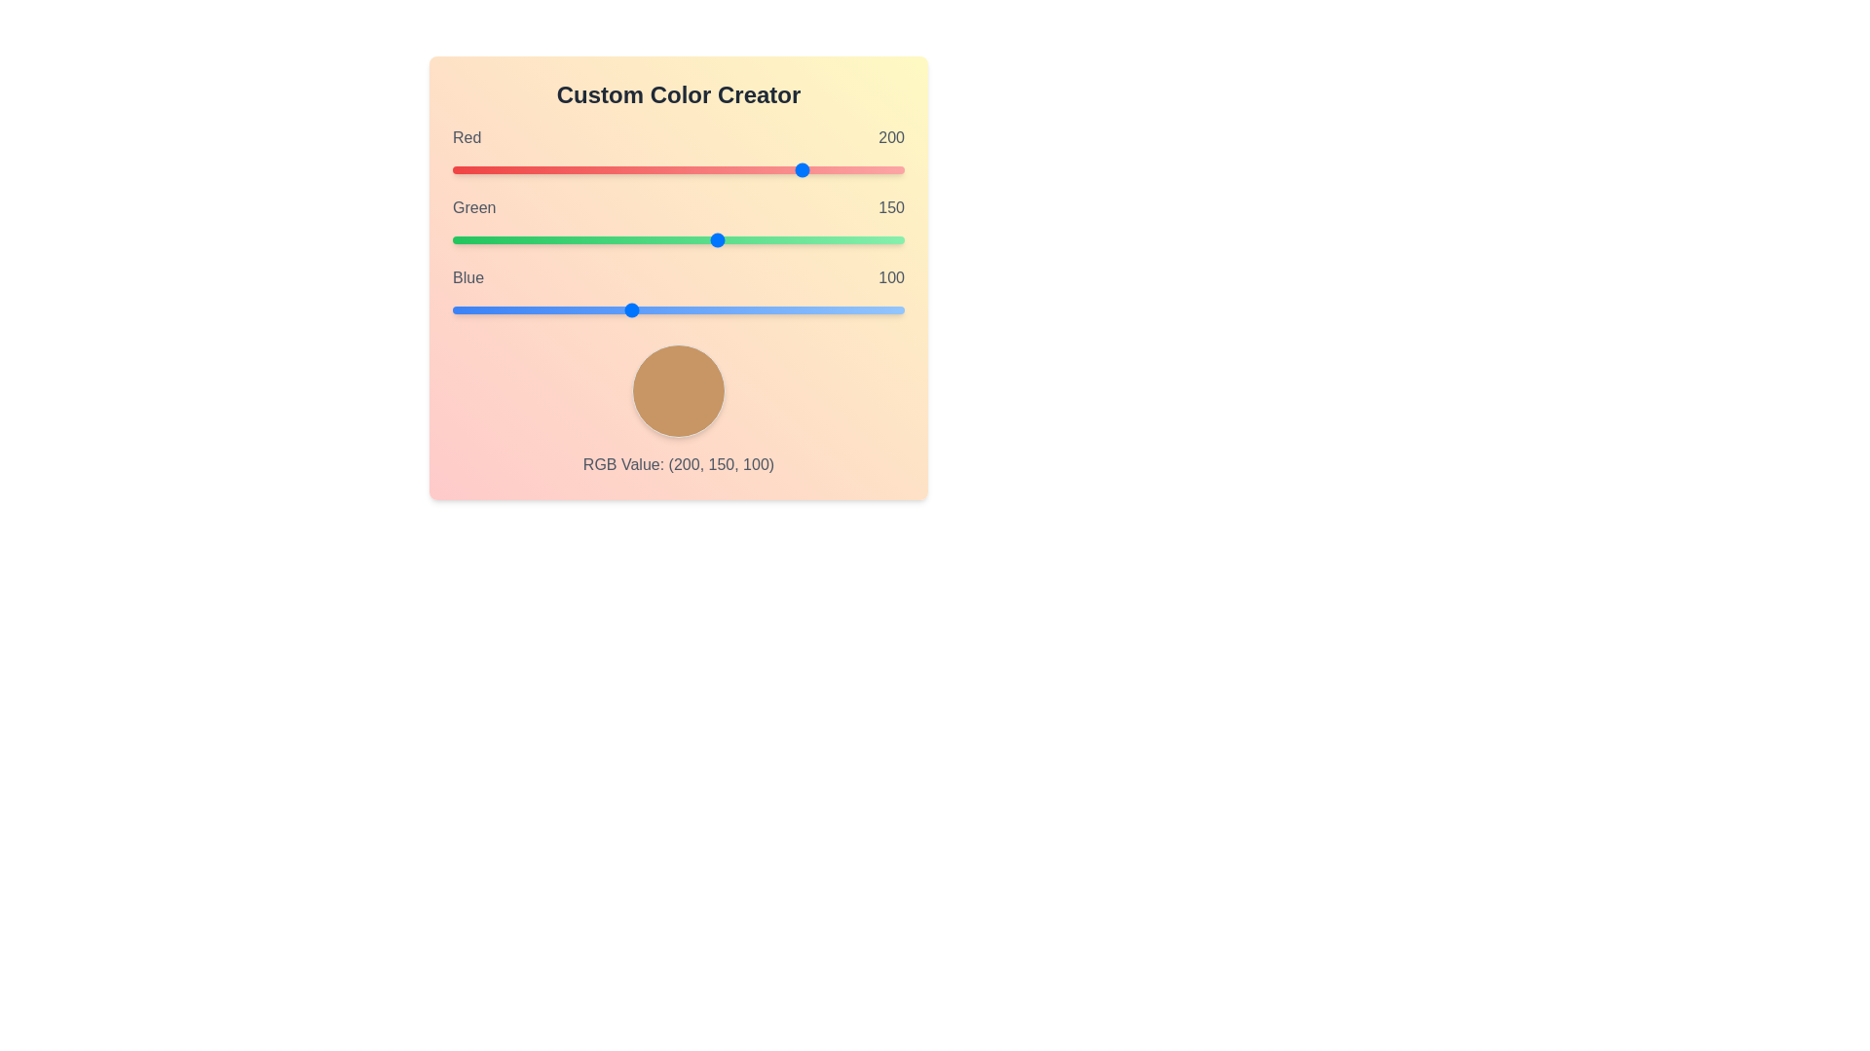 This screenshot has width=1870, height=1051. Describe the element at coordinates (542, 238) in the screenshot. I see `the Green slider to set the green component to 50` at that location.